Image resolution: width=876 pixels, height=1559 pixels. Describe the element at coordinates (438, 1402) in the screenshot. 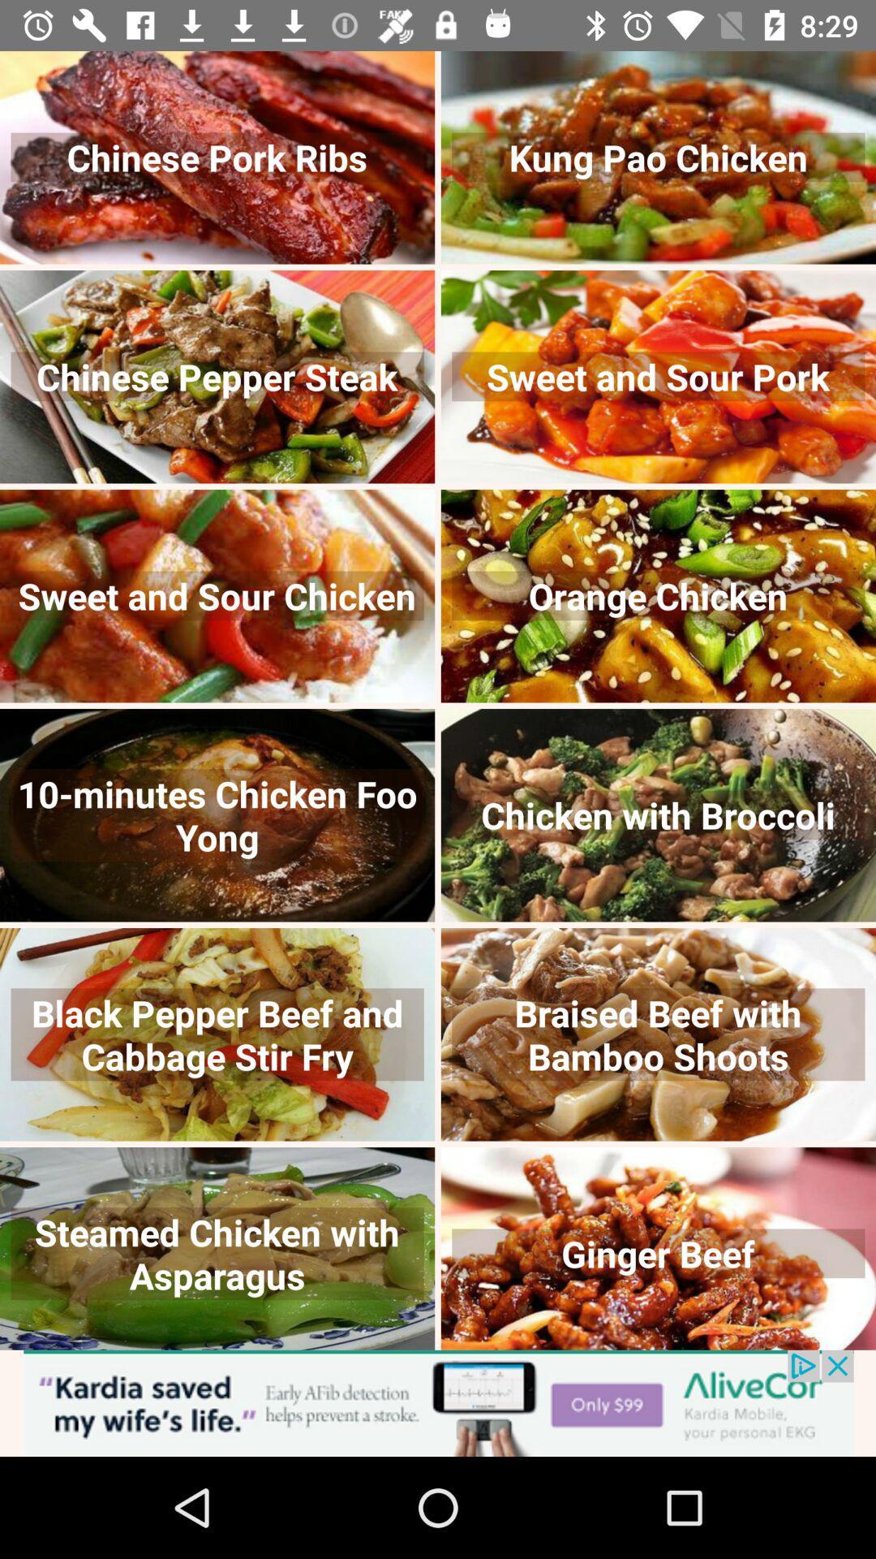

I see `click advertisement` at that location.